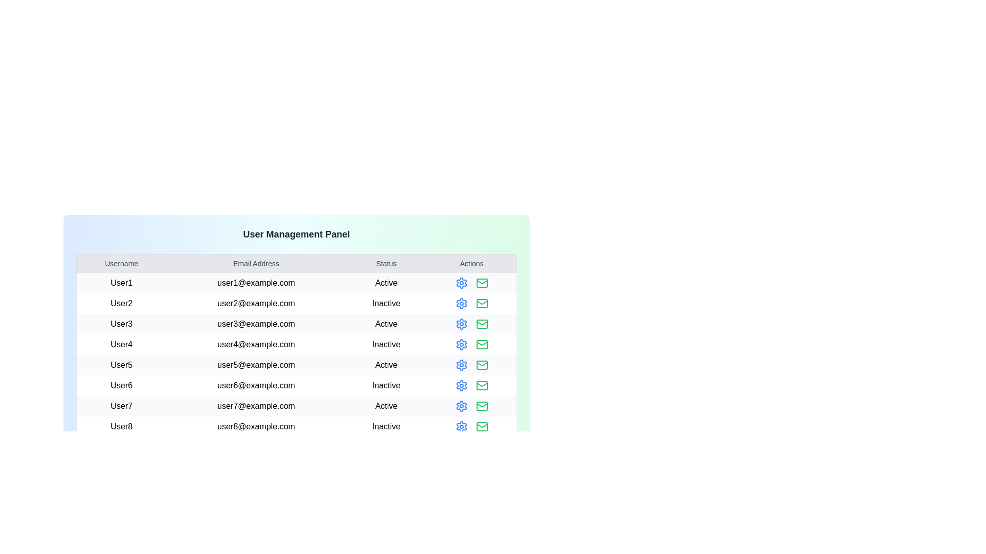  I want to click on the table header labeled Username to sort the table by that column, so click(121, 263).